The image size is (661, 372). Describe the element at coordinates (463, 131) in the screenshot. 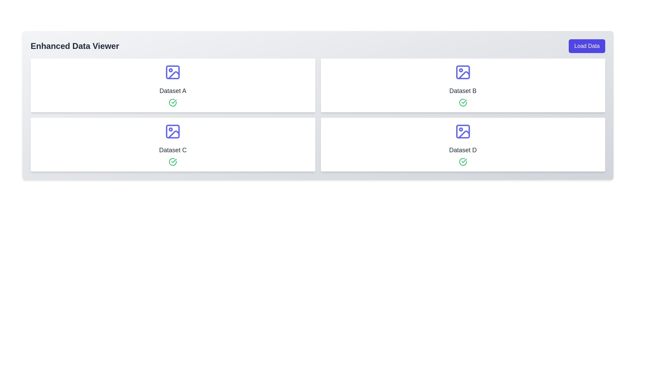

I see `the bottom-right icon representing 'Dataset D'` at that location.